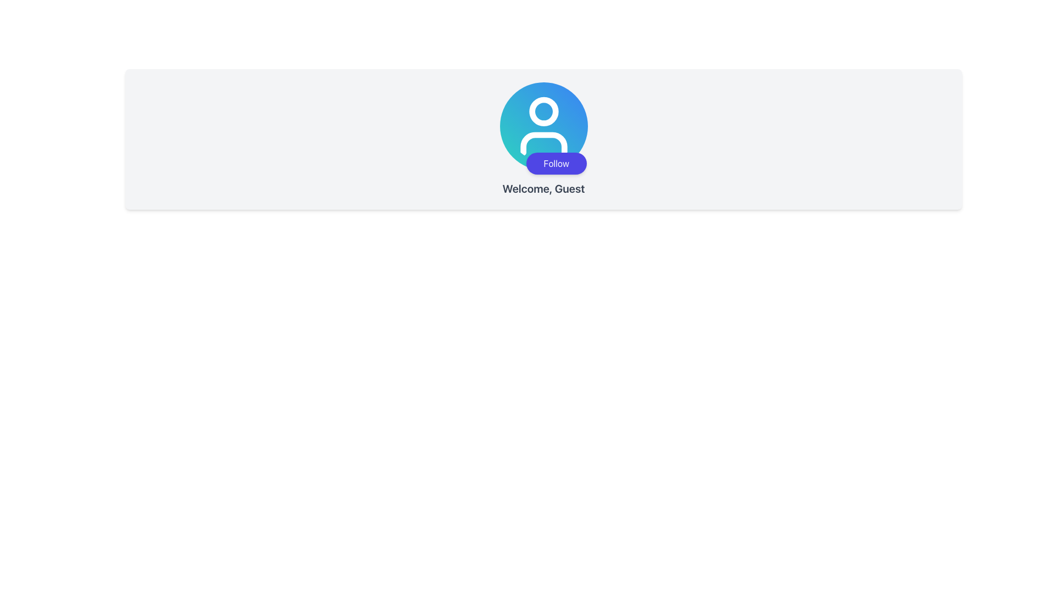 Image resolution: width=1055 pixels, height=593 pixels. I want to click on the user profile icon located above the 'Follow' button and the 'Welcome, Guest' text to associate it with user relationships, so click(543, 126).